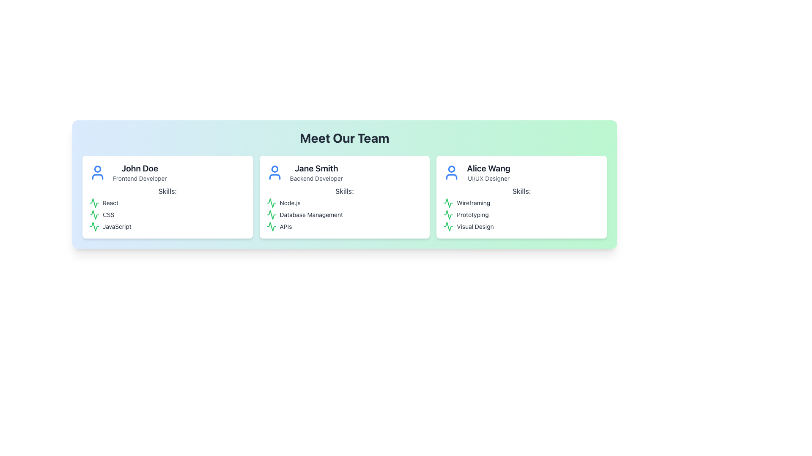 This screenshot has height=456, width=812. What do you see at coordinates (521, 191) in the screenshot?
I see `the 'Skills:' text label located within Alice Wang's profile card, positioned directly below the 'UI/UX Designer' designation` at bounding box center [521, 191].